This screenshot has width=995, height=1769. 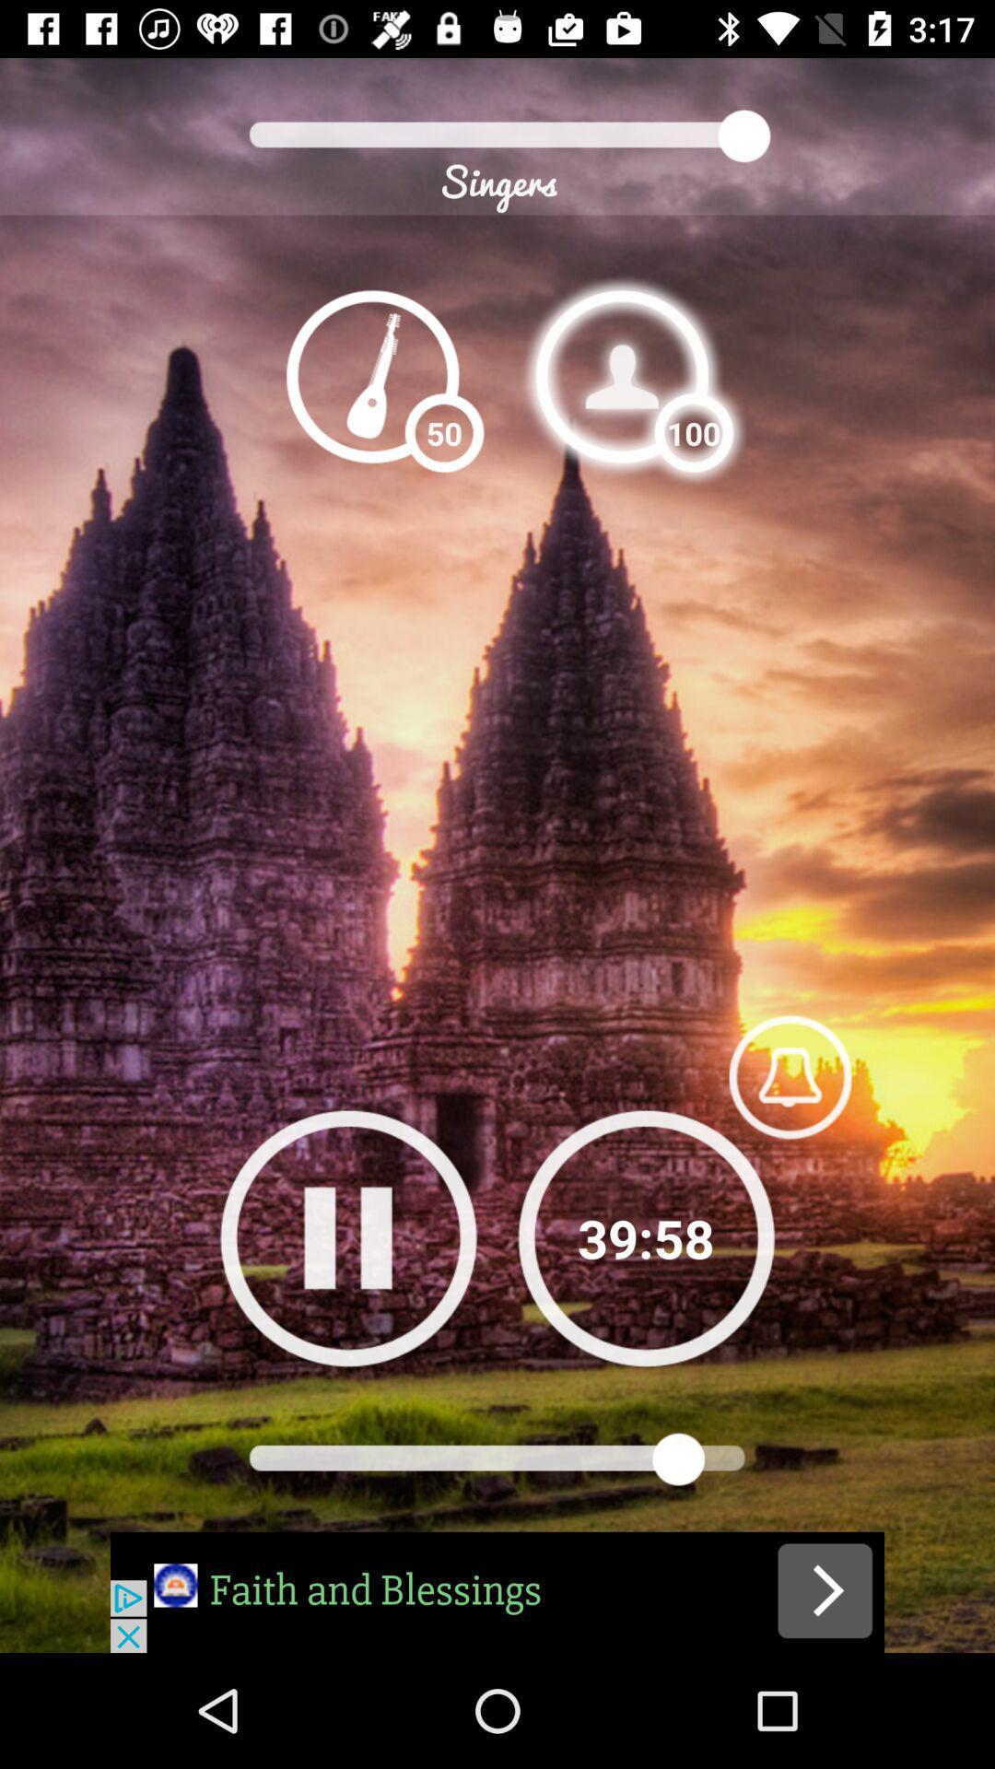 What do you see at coordinates (789, 1076) in the screenshot?
I see `set alarm` at bounding box center [789, 1076].